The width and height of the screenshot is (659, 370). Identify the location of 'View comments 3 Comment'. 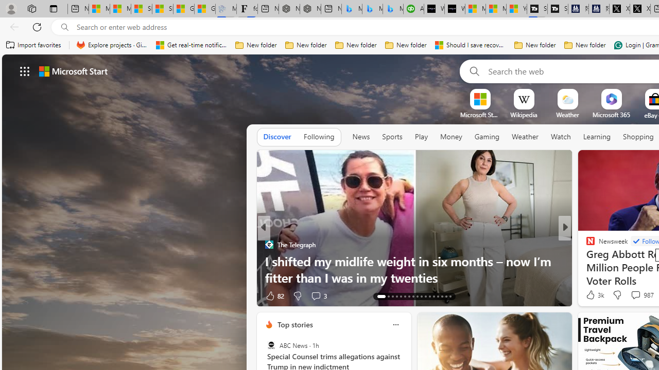
(318, 295).